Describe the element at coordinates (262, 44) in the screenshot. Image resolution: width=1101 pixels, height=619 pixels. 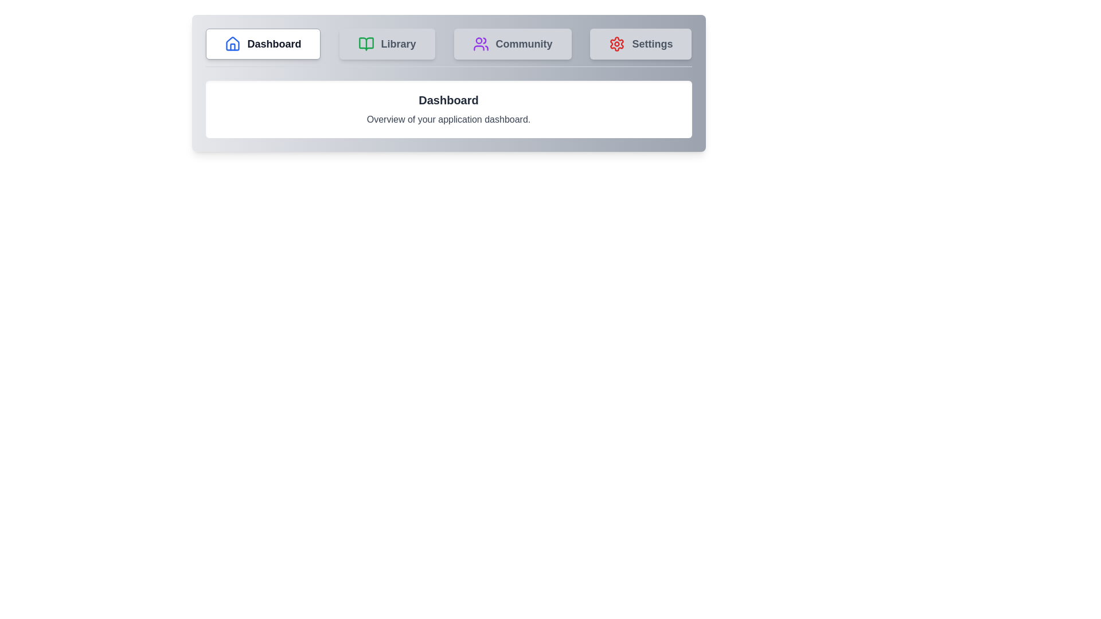
I see `the tab labeled Dashboard` at that location.